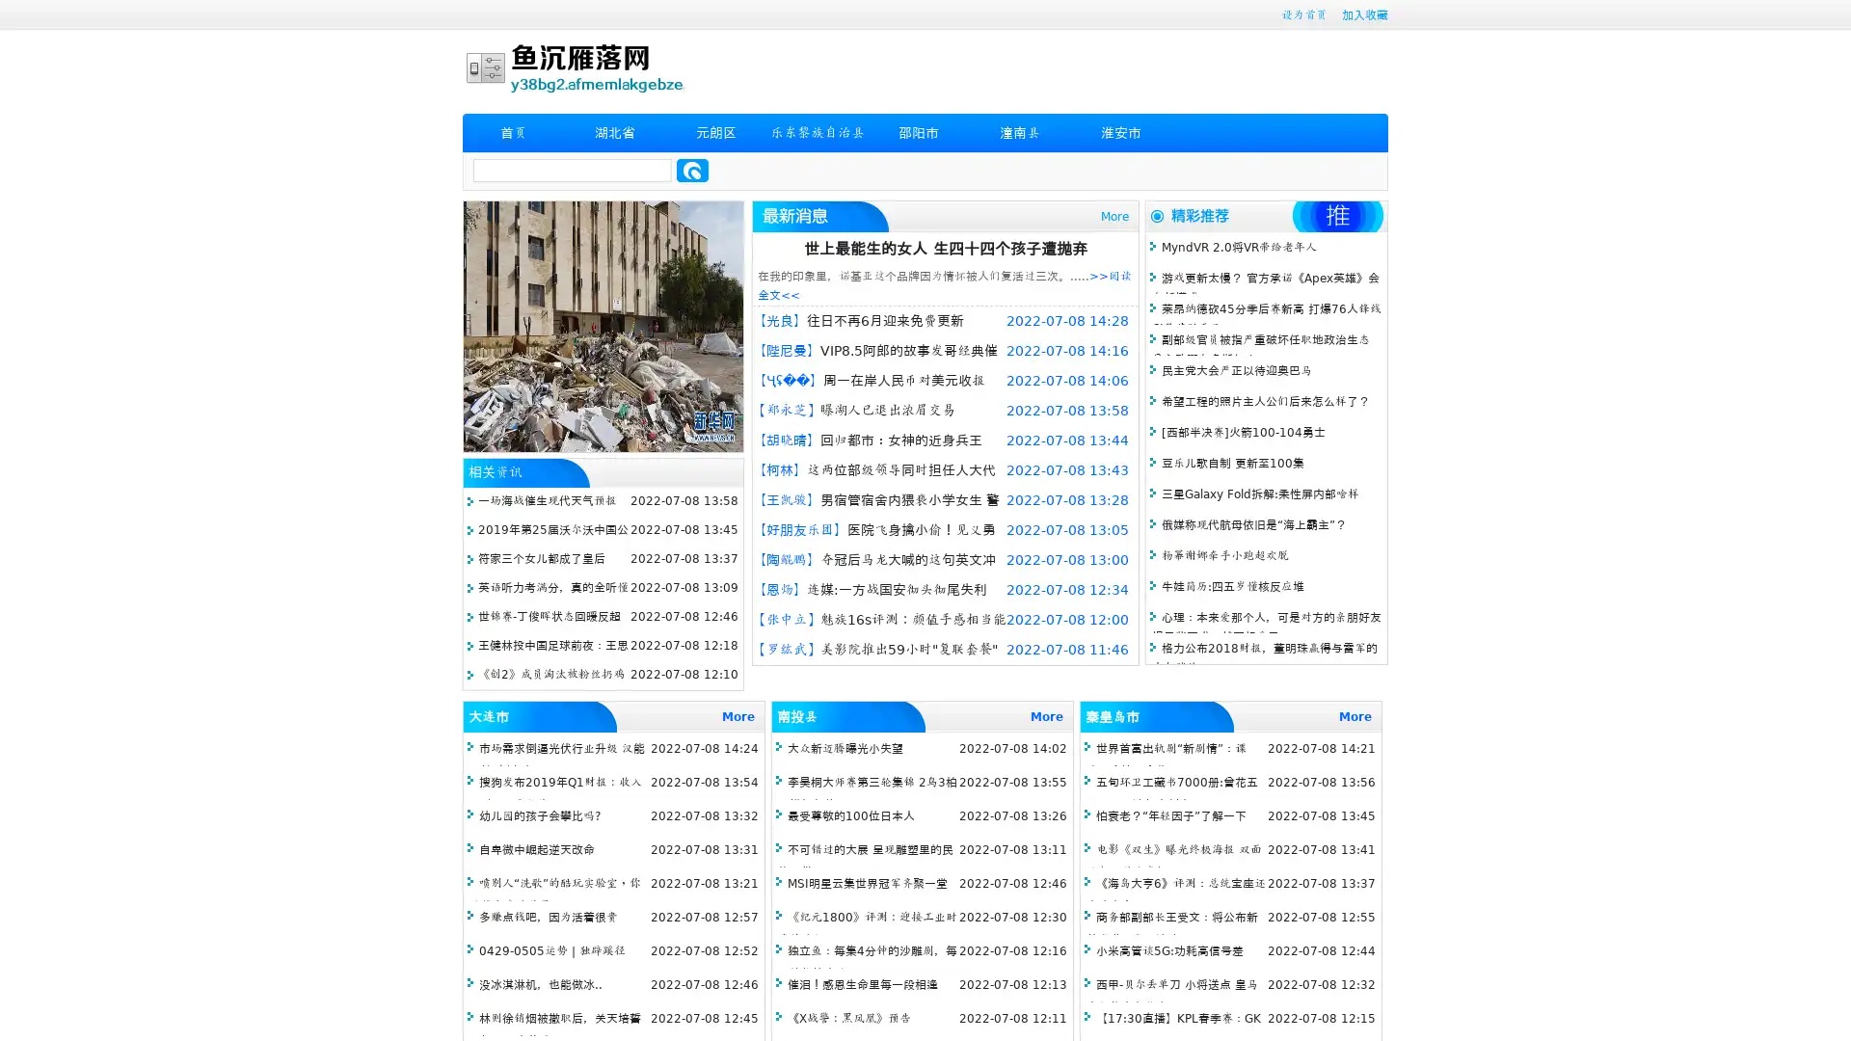  What do you see at coordinates (692, 170) in the screenshot?
I see `Search` at bounding box center [692, 170].